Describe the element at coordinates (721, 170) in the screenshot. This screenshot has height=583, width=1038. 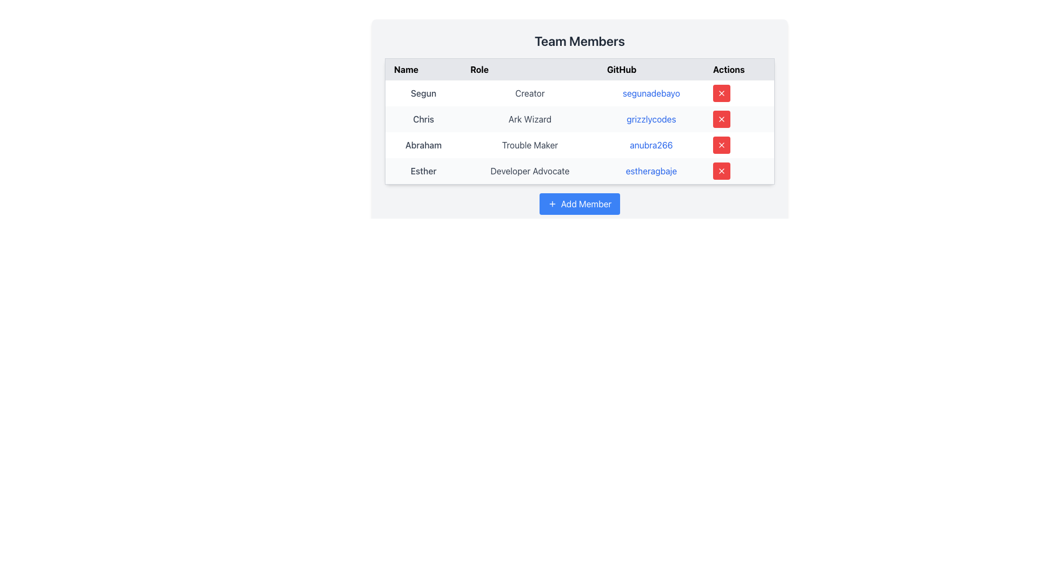
I see `the stylized 'X' icon in the red circular button located in the 'Actions' column for the team member 'Esther'` at that location.